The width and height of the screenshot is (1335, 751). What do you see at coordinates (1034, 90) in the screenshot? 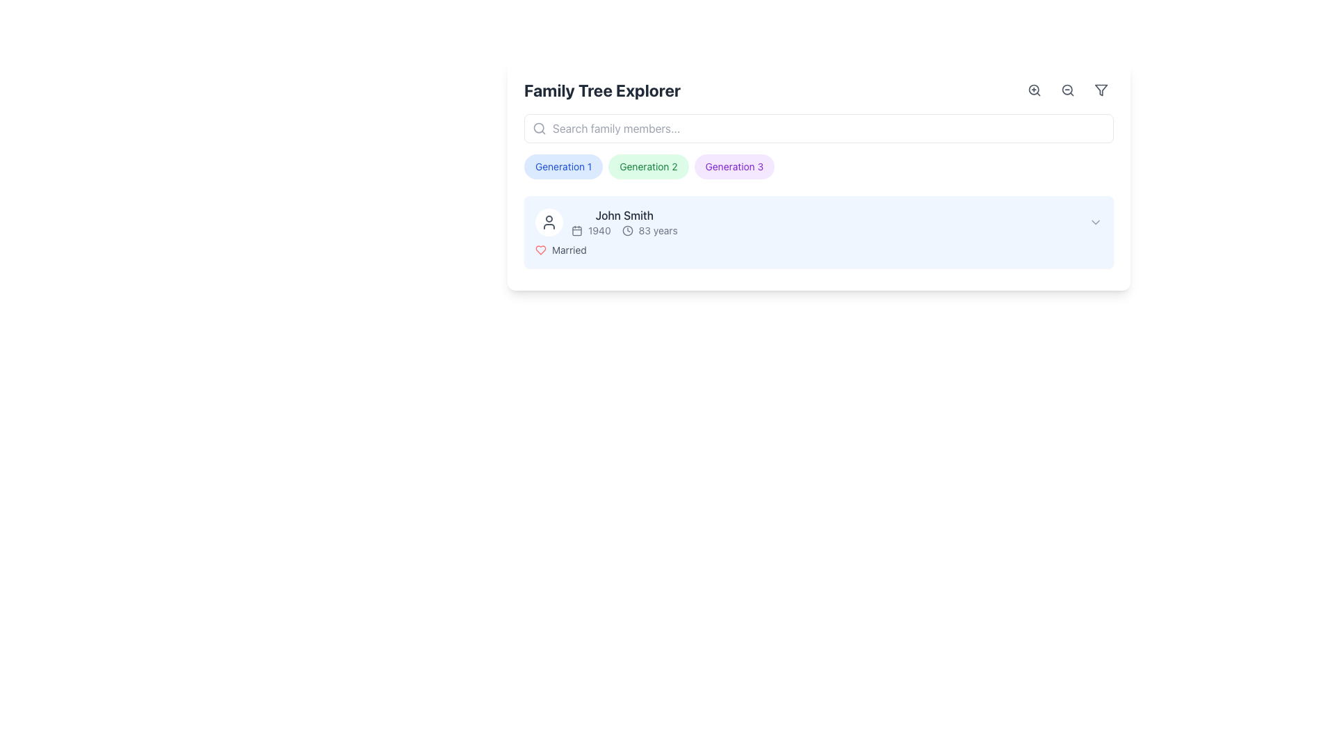
I see `the SVG circle element representing the 'zoom in' option located at the center of the magnifying glass icon in the top right UI section` at bounding box center [1034, 90].